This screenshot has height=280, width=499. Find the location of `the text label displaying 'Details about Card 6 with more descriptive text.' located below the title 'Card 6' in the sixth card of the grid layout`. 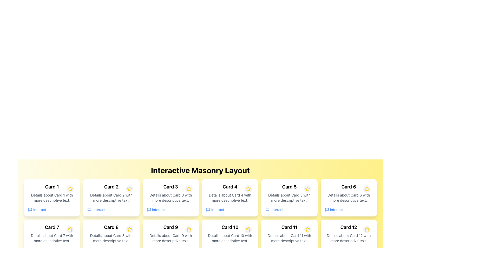

the text label displaying 'Details about Card 6 with more descriptive text.' located below the title 'Card 6' in the sixth card of the grid layout is located at coordinates (349, 198).